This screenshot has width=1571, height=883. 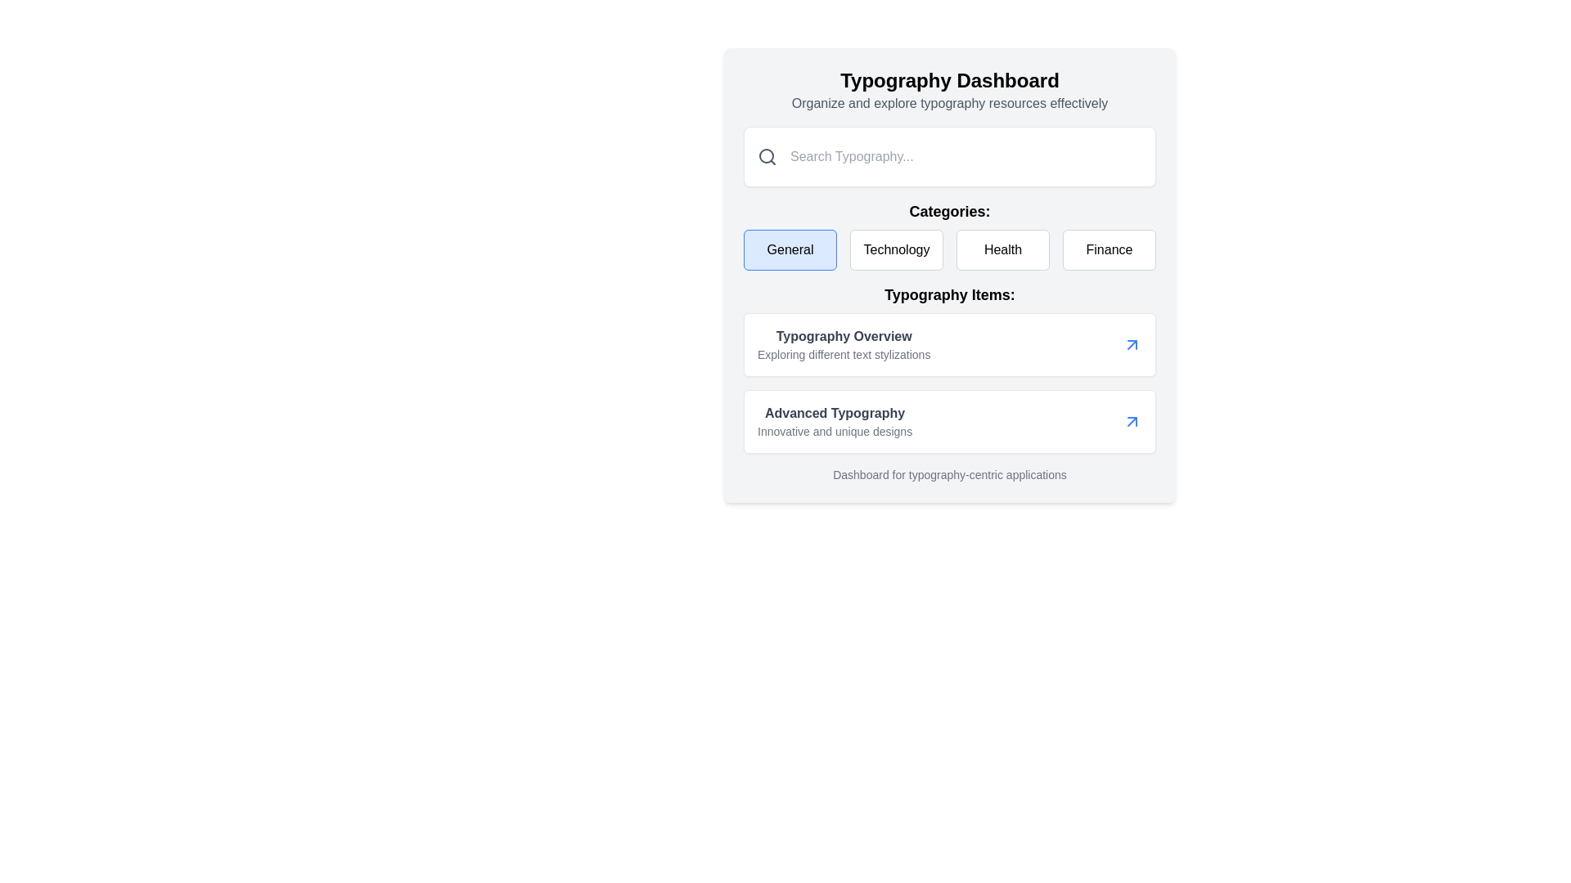 I want to click on the 'Advanced Typography' text label in the 'Typography Items' section, so click(x=835, y=412).